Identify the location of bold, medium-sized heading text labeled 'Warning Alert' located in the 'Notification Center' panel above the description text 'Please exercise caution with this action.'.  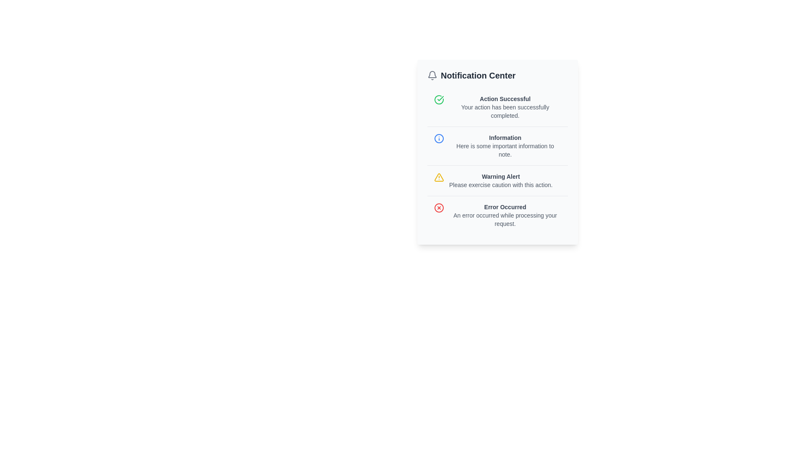
(501, 176).